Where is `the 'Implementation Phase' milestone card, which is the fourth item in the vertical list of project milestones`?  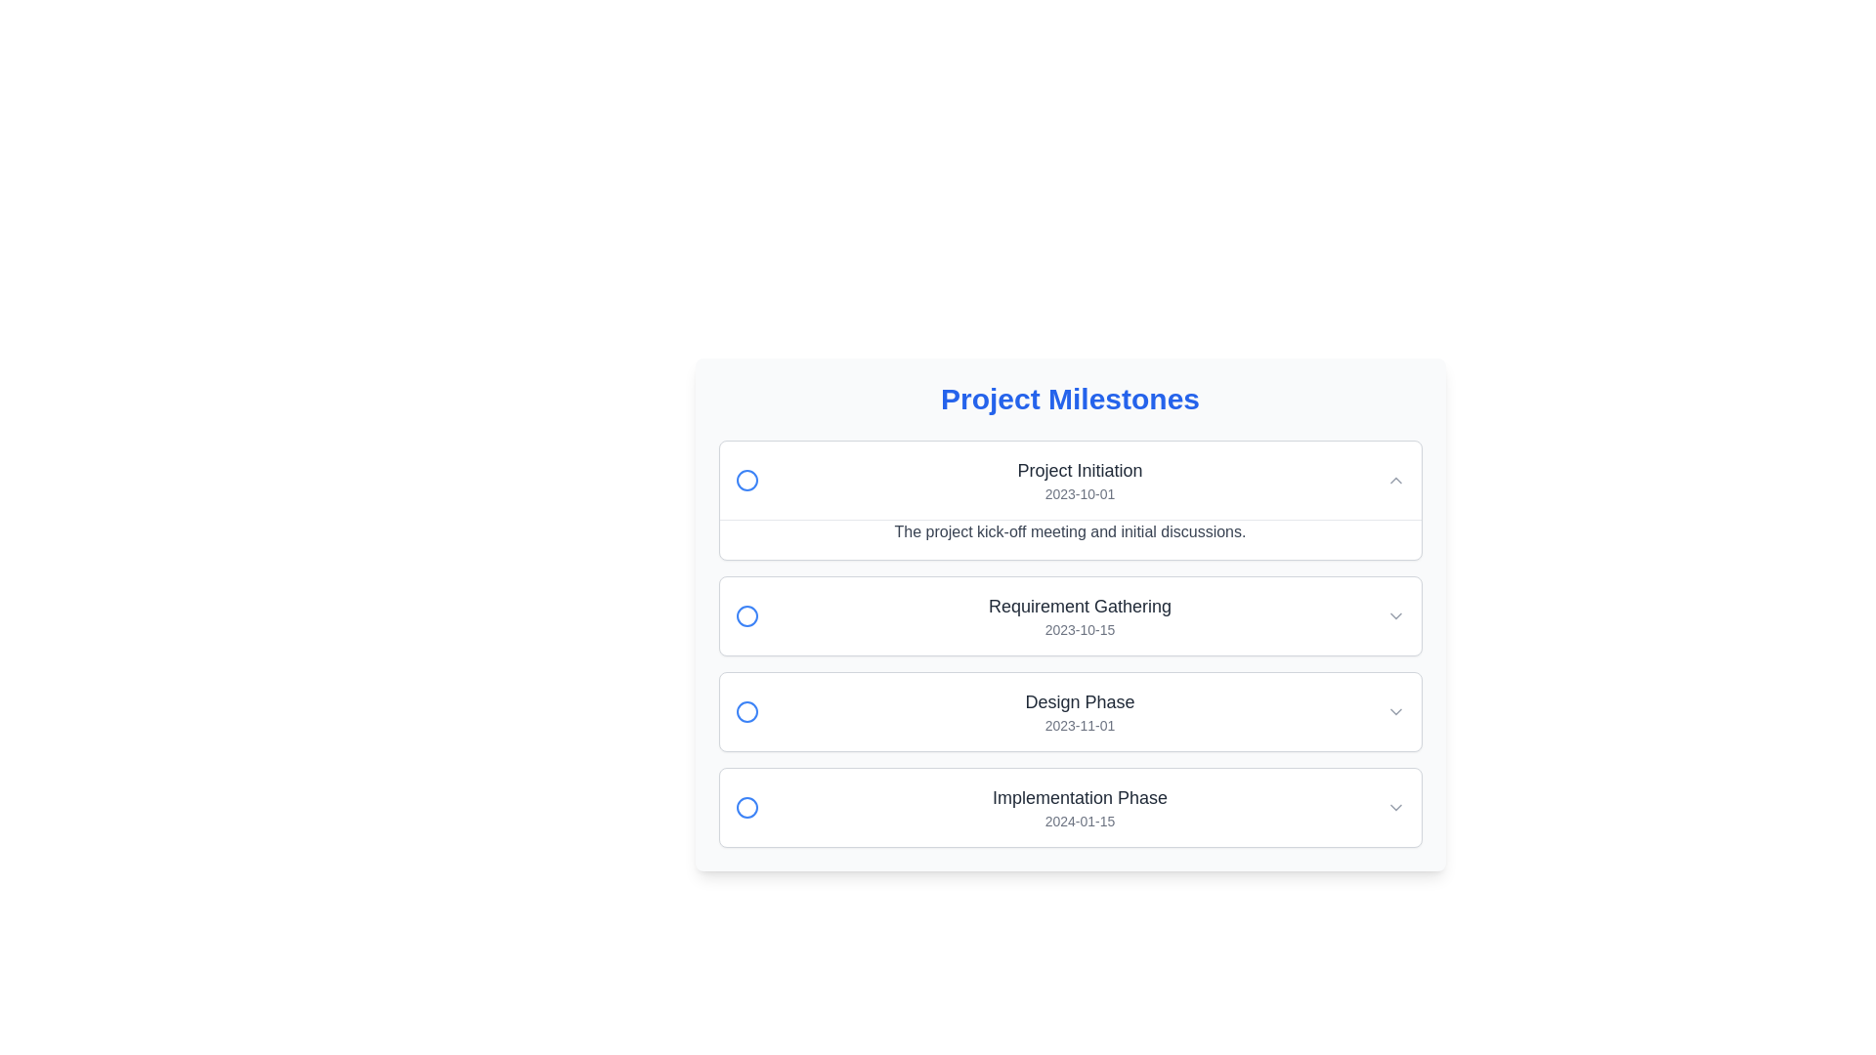 the 'Implementation Phase' milestone card, which is the fourth item in the vertical list of project milestones is located at coordinates (1069, 807).